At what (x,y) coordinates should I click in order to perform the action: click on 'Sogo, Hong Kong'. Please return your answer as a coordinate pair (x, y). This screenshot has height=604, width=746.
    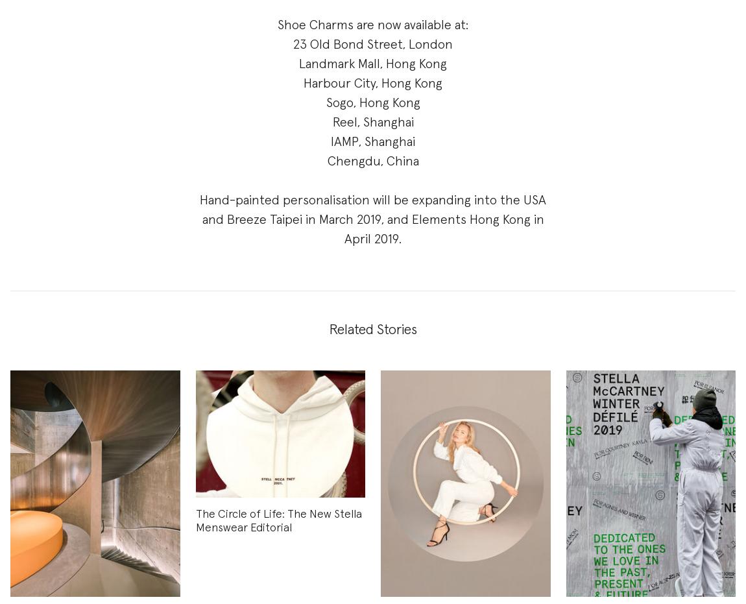
    Looking at the image, I should click on (372, 103).